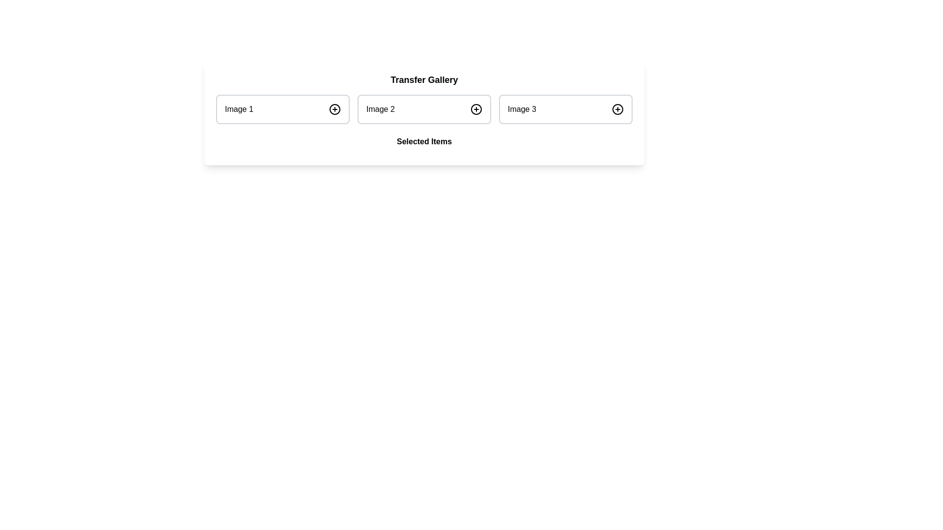 The height and width of the screenshot is (530, 943). What do you see at coordinates (334, 109) in the screenshot?
I see `the circular button with a plus symbol located to the right of the text 'Image 1'` at bounding box center [334, 109].